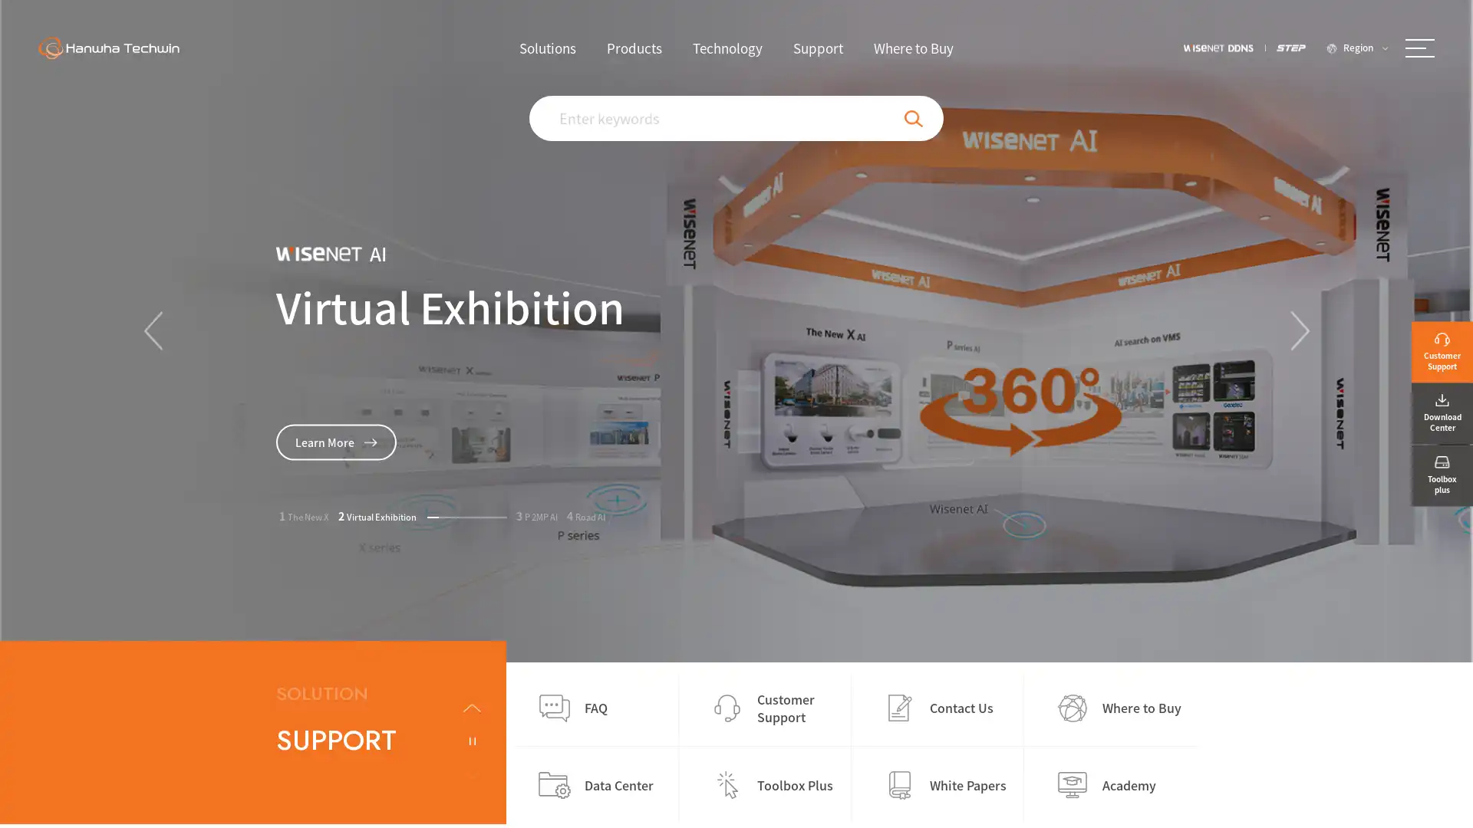  Describe the element at coordinates (536, 517) in the screenshot. I see `Go to slide 3` at that location.